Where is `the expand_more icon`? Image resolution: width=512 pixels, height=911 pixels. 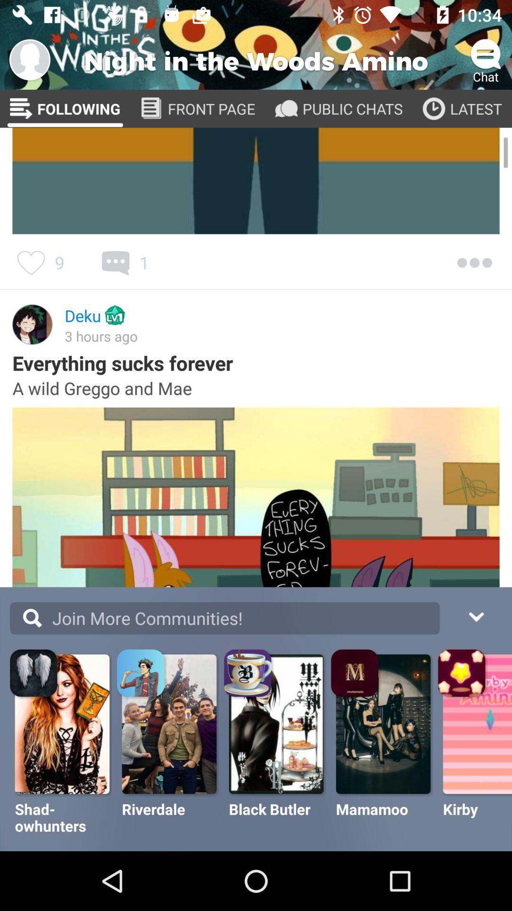 the expand_more icon is located at coordinates (475, 615).